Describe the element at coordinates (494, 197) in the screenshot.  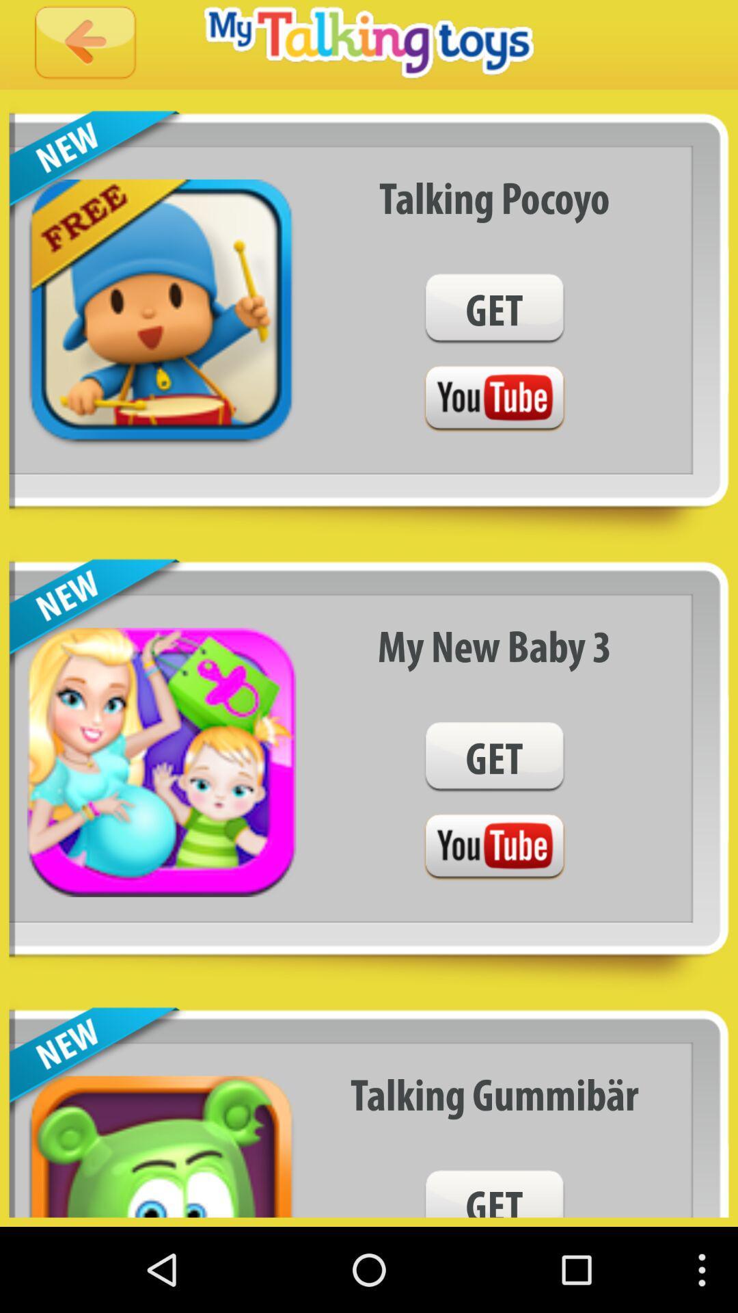
I see `icon above the get icon` at that location.